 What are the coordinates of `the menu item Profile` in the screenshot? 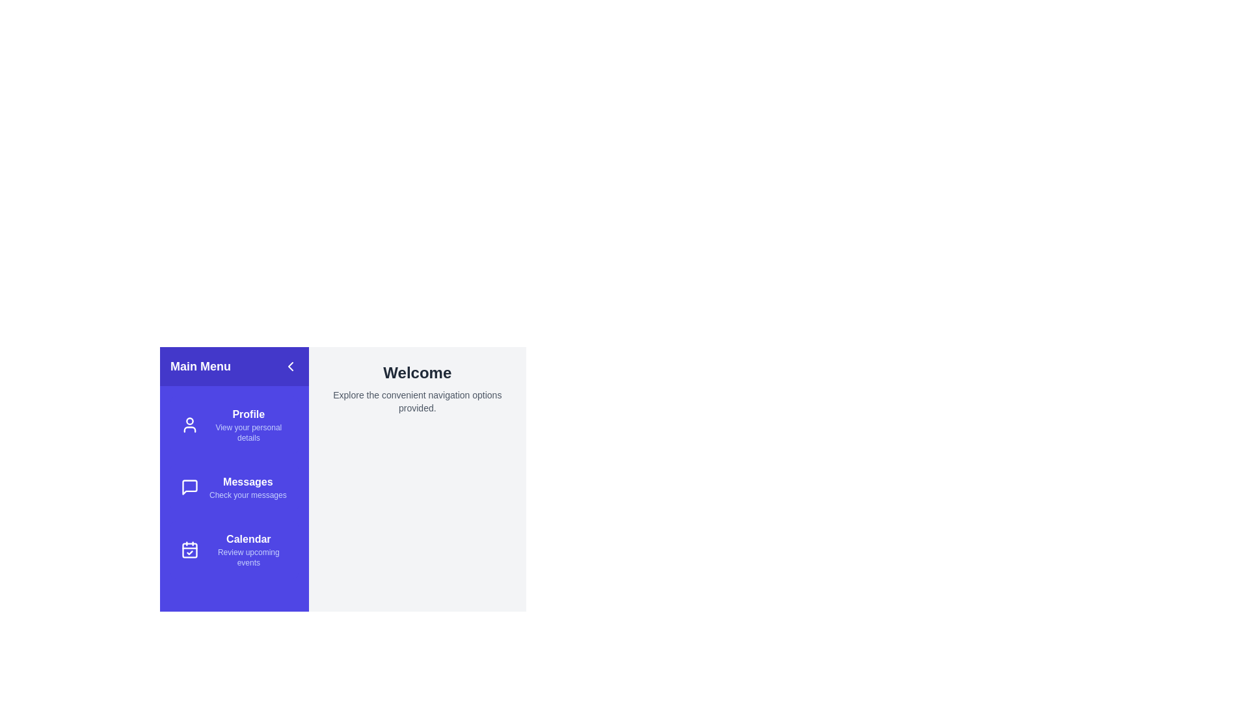 It's located at (234, 425).